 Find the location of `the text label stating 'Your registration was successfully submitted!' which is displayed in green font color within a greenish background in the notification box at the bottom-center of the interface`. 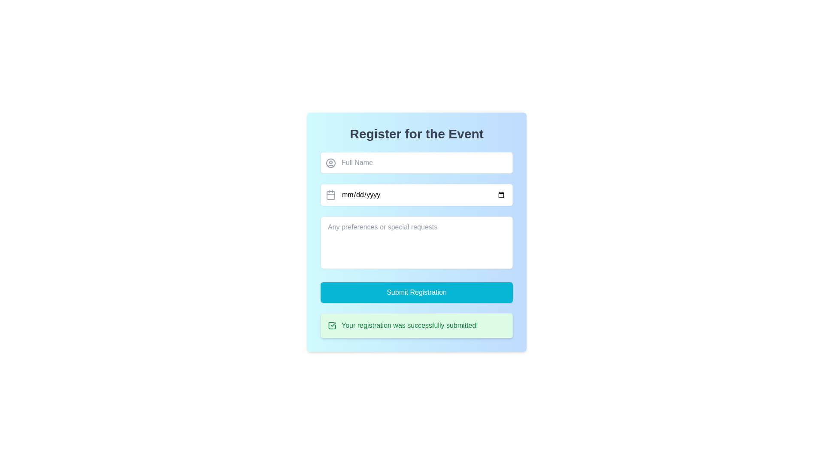

the text label stating 'Your registration was successfully submitted!' which is displayed in green font color within a greenish background in the notification box at the bottom-center of the interface is located at coordinates (409, 326).